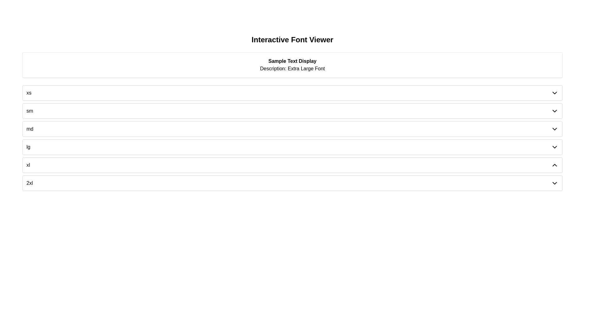  What do you see at coordinates (292, 147) in the screenshot?
I see `the fourth button in the vertical list of size options` at bounding box center [292, 147].